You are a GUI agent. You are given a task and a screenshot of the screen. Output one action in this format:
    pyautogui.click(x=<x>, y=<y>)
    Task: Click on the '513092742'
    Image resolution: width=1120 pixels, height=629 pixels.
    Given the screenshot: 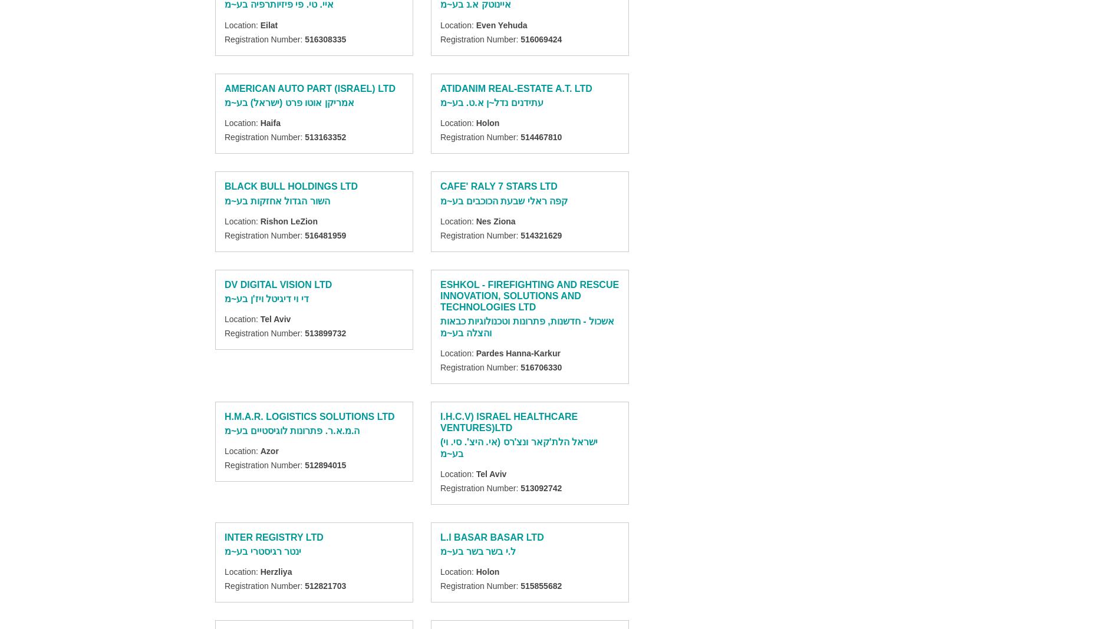 What is the action you would take?
    pyautogui.click(x=541, y=487)
    